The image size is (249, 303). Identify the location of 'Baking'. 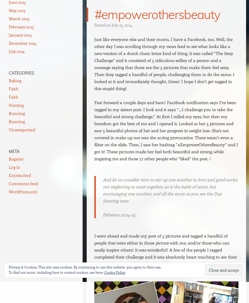
(15, 80).